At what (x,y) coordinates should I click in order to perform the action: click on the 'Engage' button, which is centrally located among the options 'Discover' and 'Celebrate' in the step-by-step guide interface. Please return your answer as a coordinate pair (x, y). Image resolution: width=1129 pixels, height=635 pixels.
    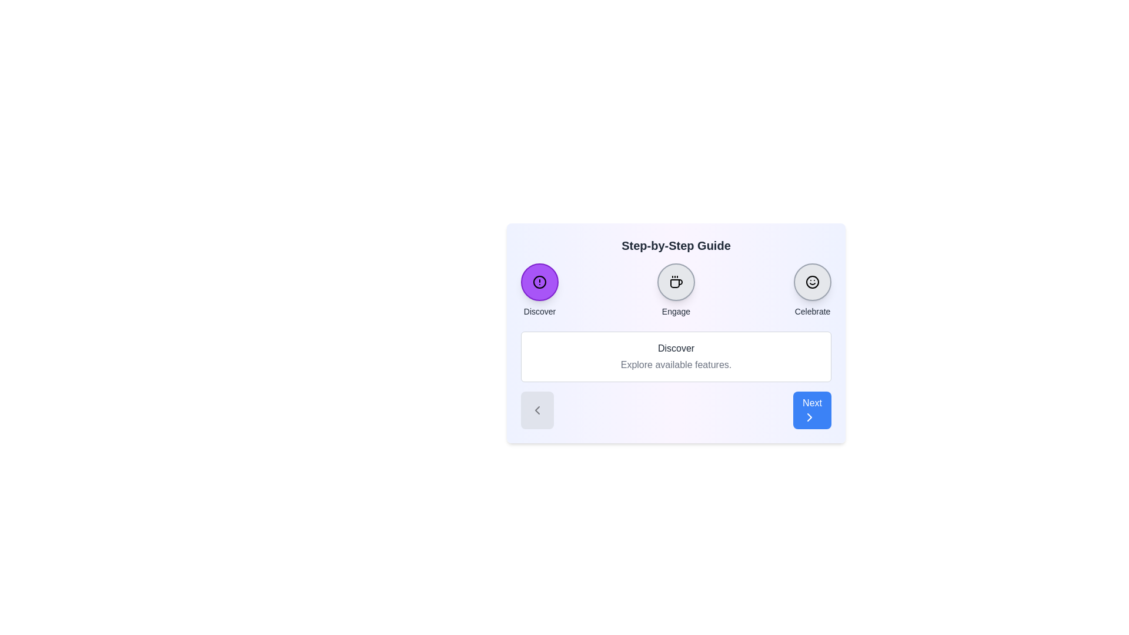
    Looking at the image, I should click on (676, 290).